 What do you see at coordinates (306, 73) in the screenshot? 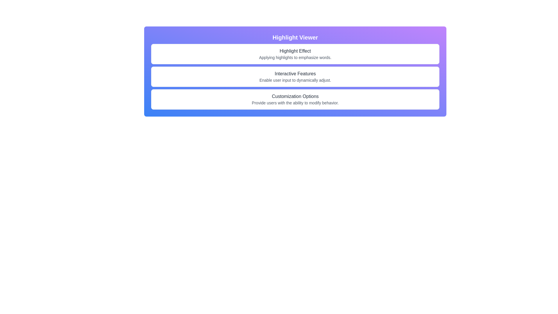
I see `the lowercase 't' character in the header text 'Interactive Features', which is styled with medium font weight and gray color, located on a blue-purple gradient background` at bounding box center [306, 73].